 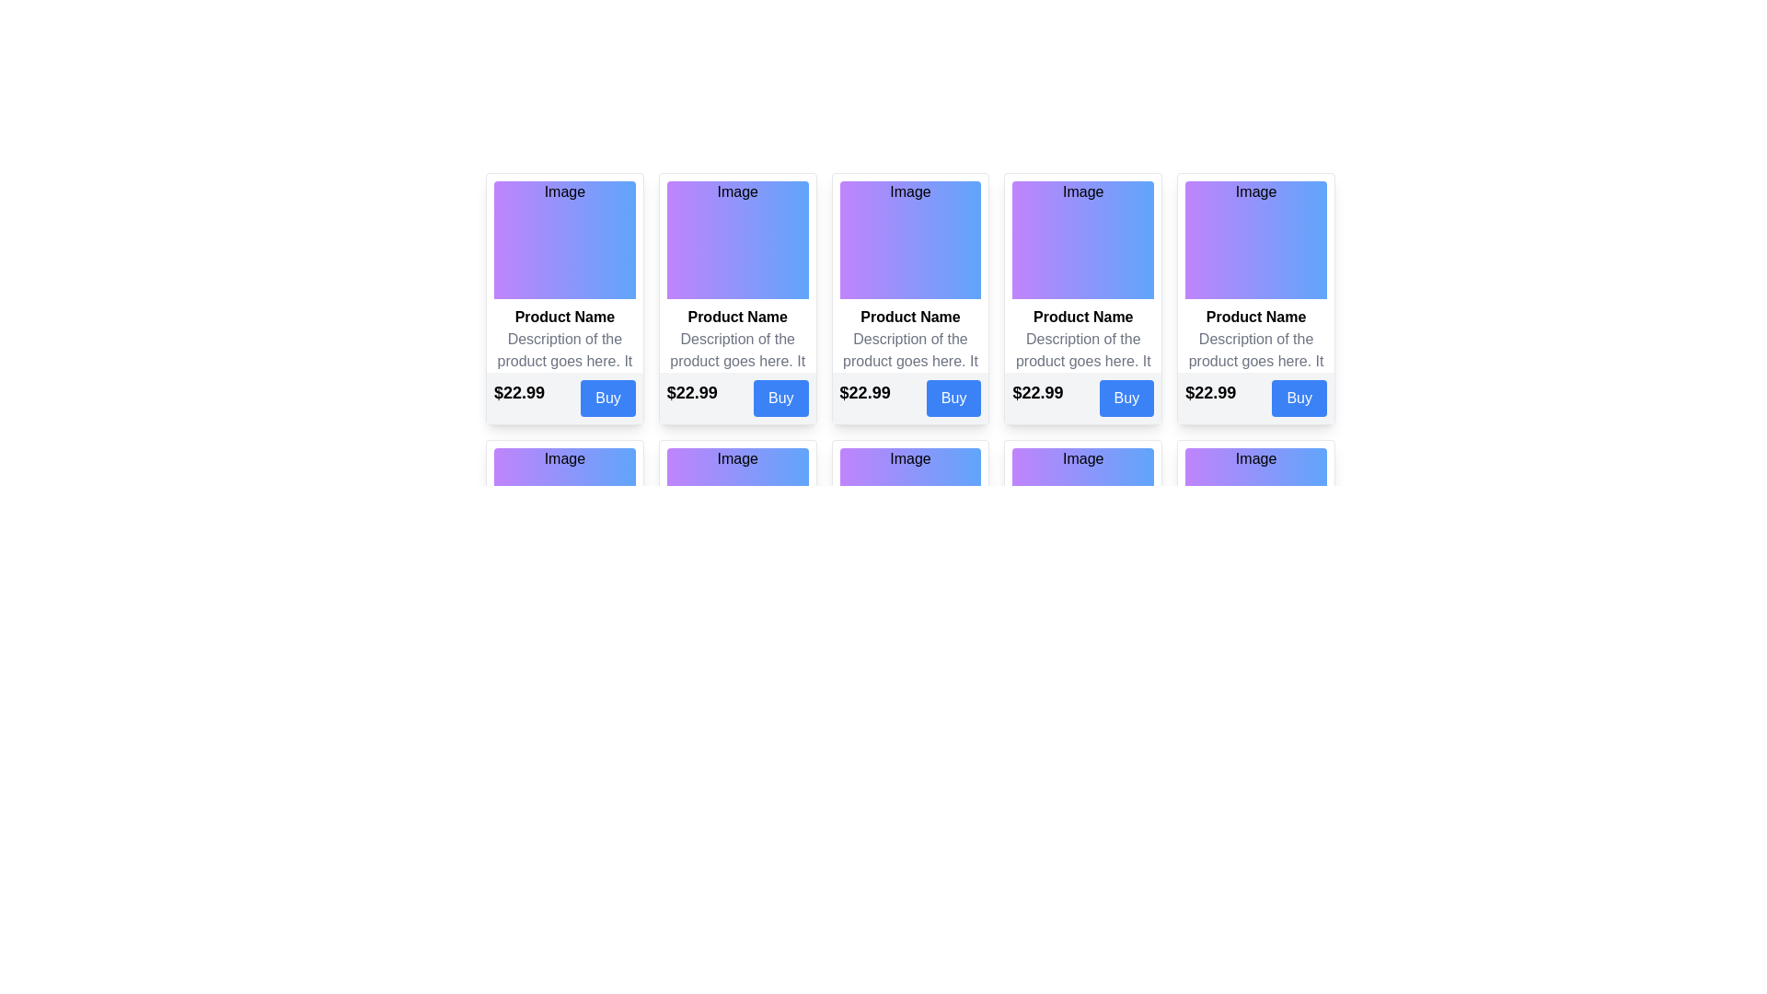 I want to click on bold text label 'Product Name' located in the middle section of the product card, positioned directly below the gradient image box, so click(x=1083, y=316).